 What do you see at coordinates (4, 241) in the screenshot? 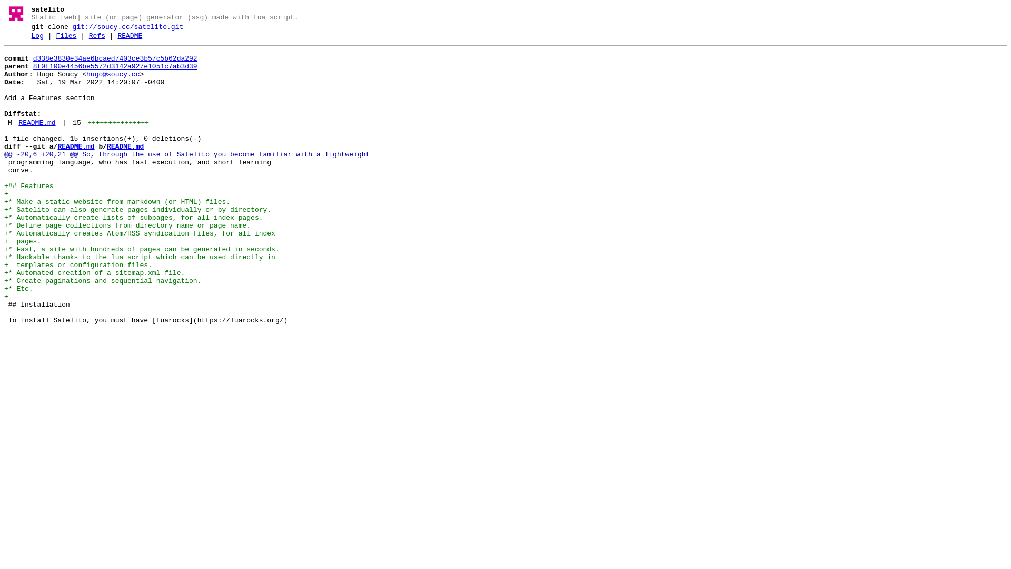
I see `'+  pages.'` at bounding box center [4, 241].